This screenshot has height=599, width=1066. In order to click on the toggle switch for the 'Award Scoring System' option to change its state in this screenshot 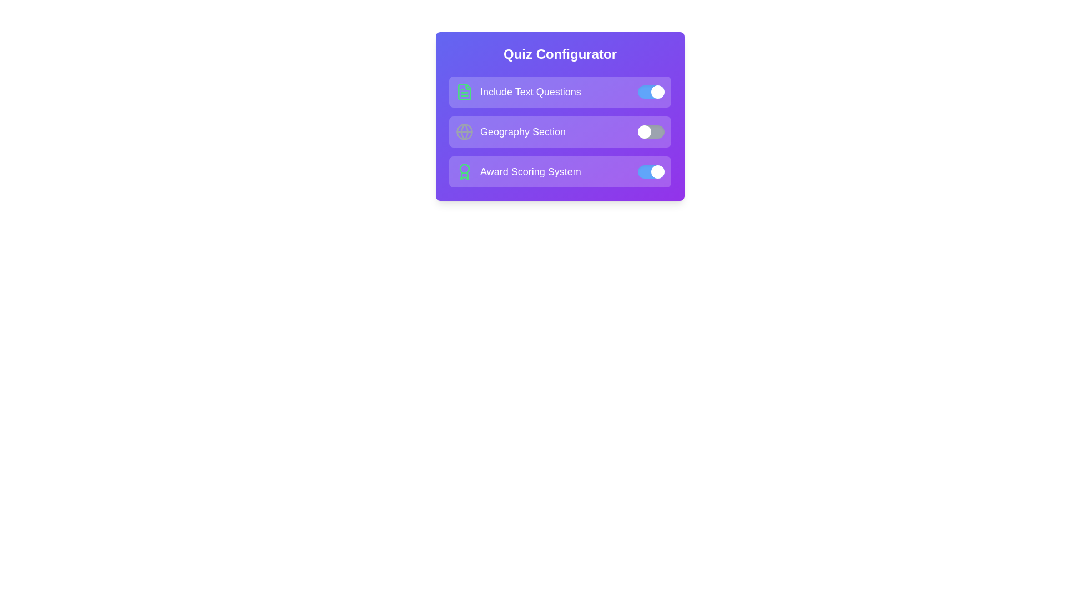, I will do `click(651, 171)`.